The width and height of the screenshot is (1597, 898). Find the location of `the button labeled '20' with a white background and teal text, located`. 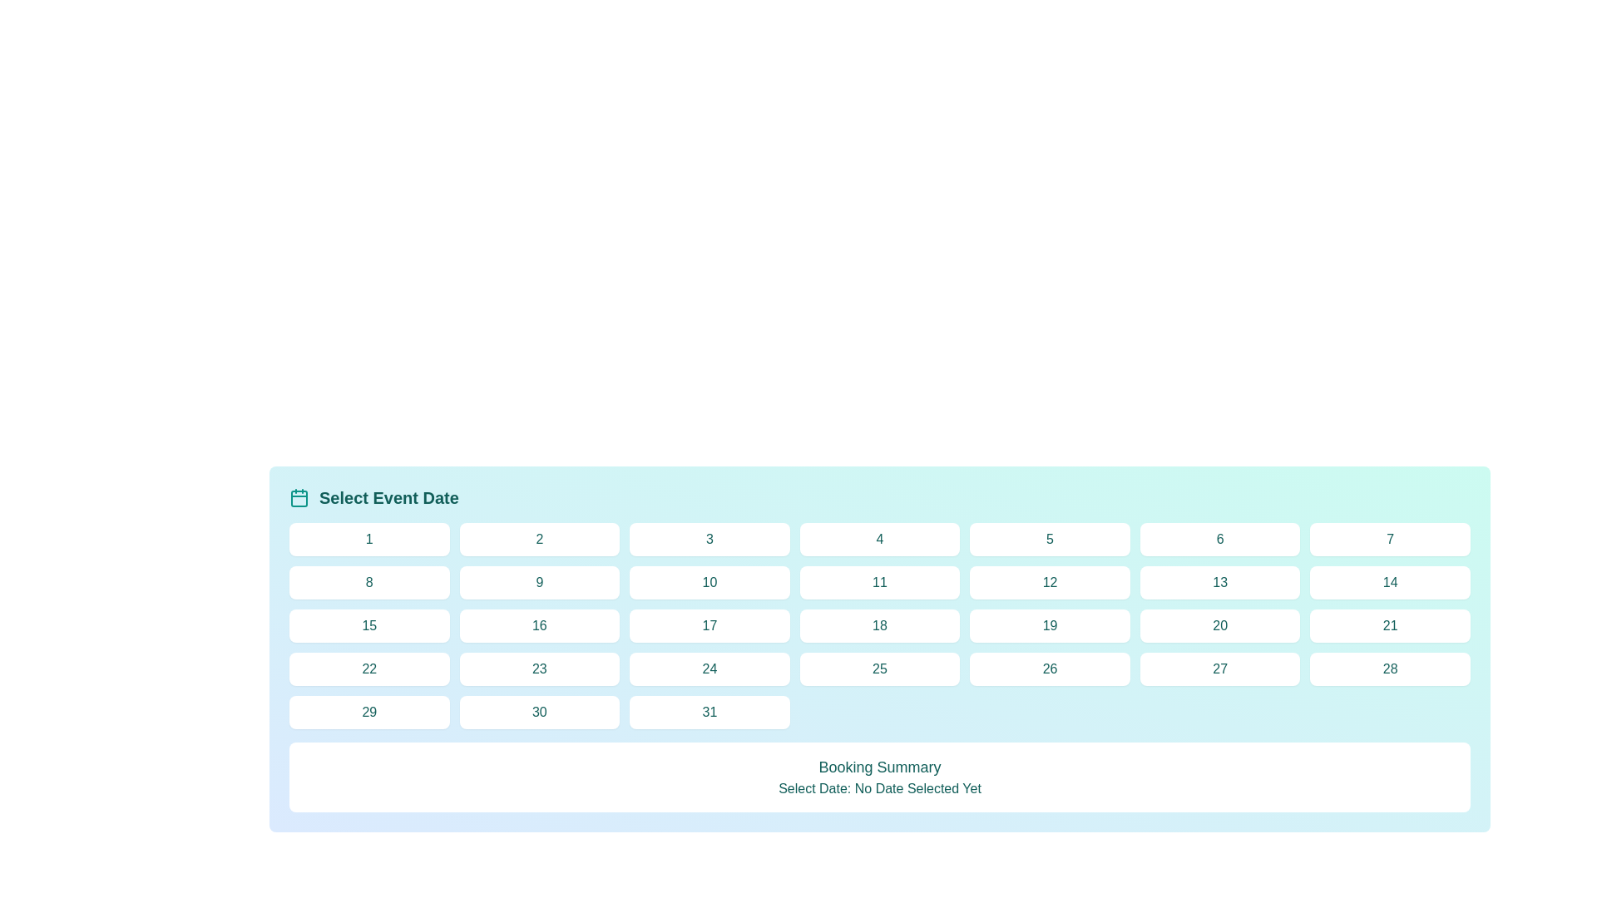

the button labeled '20' with a white background and teal text, located is located at coordinates (1220, 625).